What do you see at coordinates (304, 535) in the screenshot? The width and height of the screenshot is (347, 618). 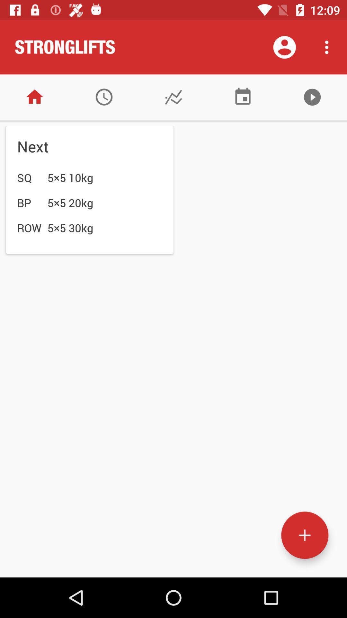 I see `open new page` at bounding box center [304, 535].